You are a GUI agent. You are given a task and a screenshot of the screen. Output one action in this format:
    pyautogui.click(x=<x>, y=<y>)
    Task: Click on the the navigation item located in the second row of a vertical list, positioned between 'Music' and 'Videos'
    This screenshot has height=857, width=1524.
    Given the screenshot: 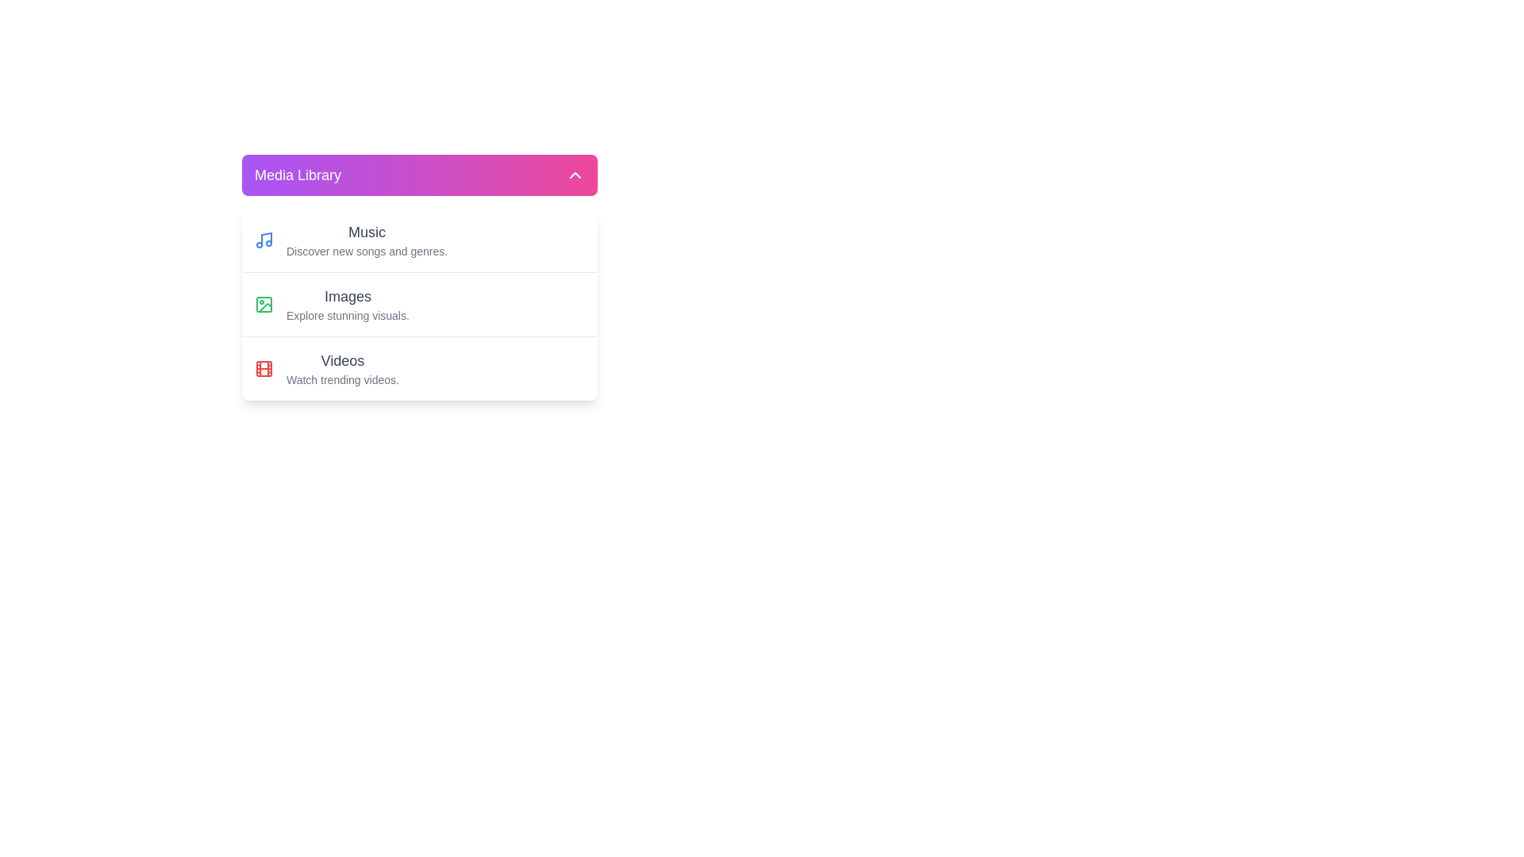 What is the action you would take?
    pyautogui.click(x=419, y=304)
    